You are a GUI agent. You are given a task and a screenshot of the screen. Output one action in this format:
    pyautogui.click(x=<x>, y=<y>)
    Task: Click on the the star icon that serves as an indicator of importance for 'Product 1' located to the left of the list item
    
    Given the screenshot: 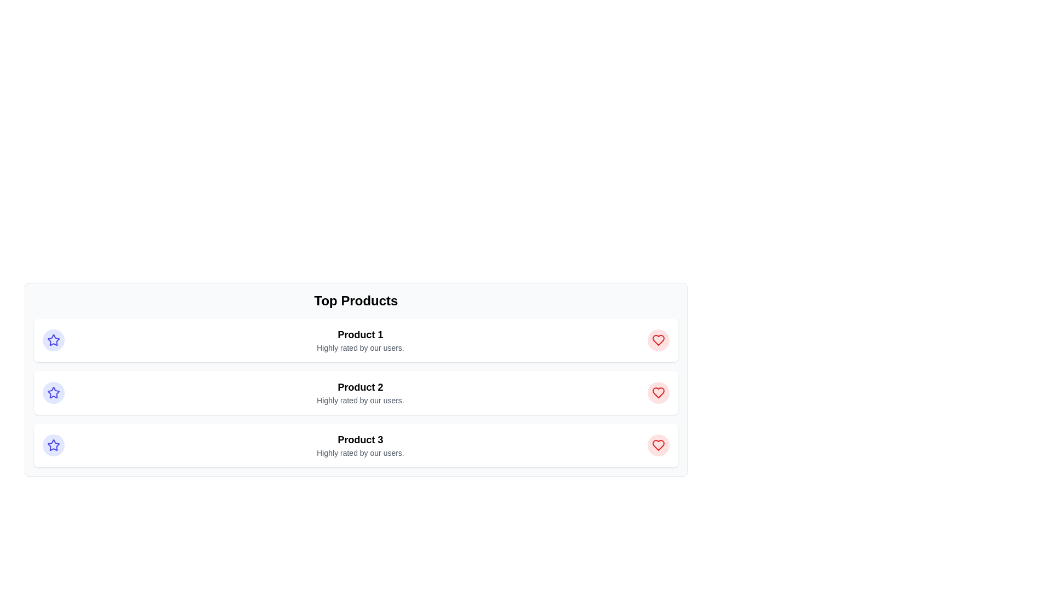 What is the action you would take?
    pyautogui.click(x=53, y=339)
    